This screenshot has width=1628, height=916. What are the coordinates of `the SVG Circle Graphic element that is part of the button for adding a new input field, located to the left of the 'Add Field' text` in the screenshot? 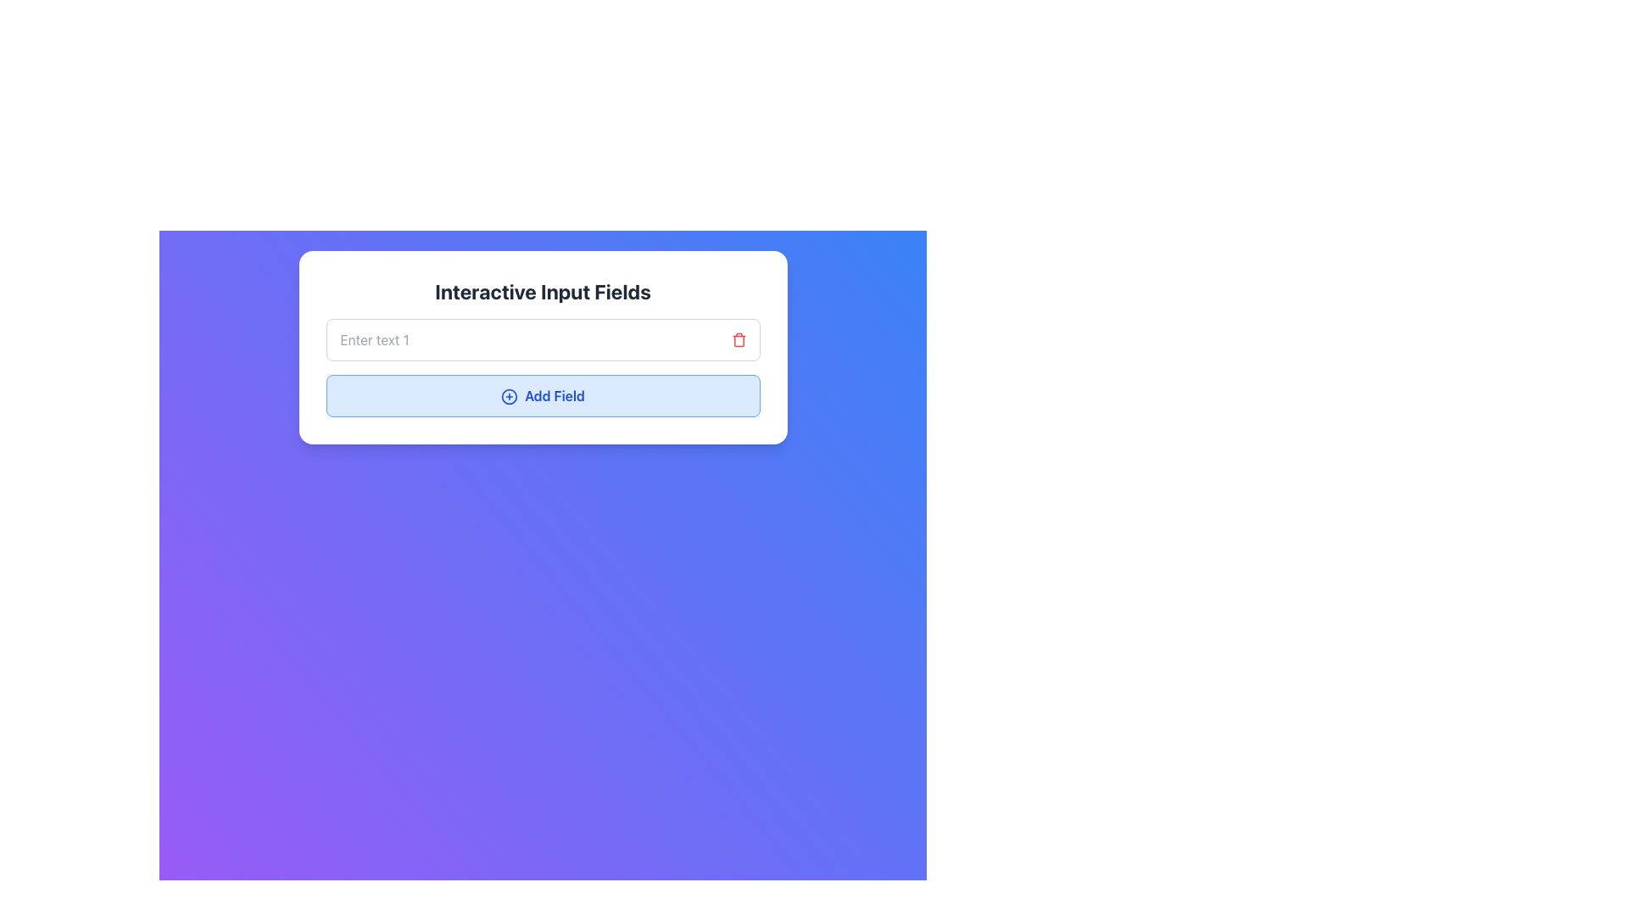 It's located at (509, 396).